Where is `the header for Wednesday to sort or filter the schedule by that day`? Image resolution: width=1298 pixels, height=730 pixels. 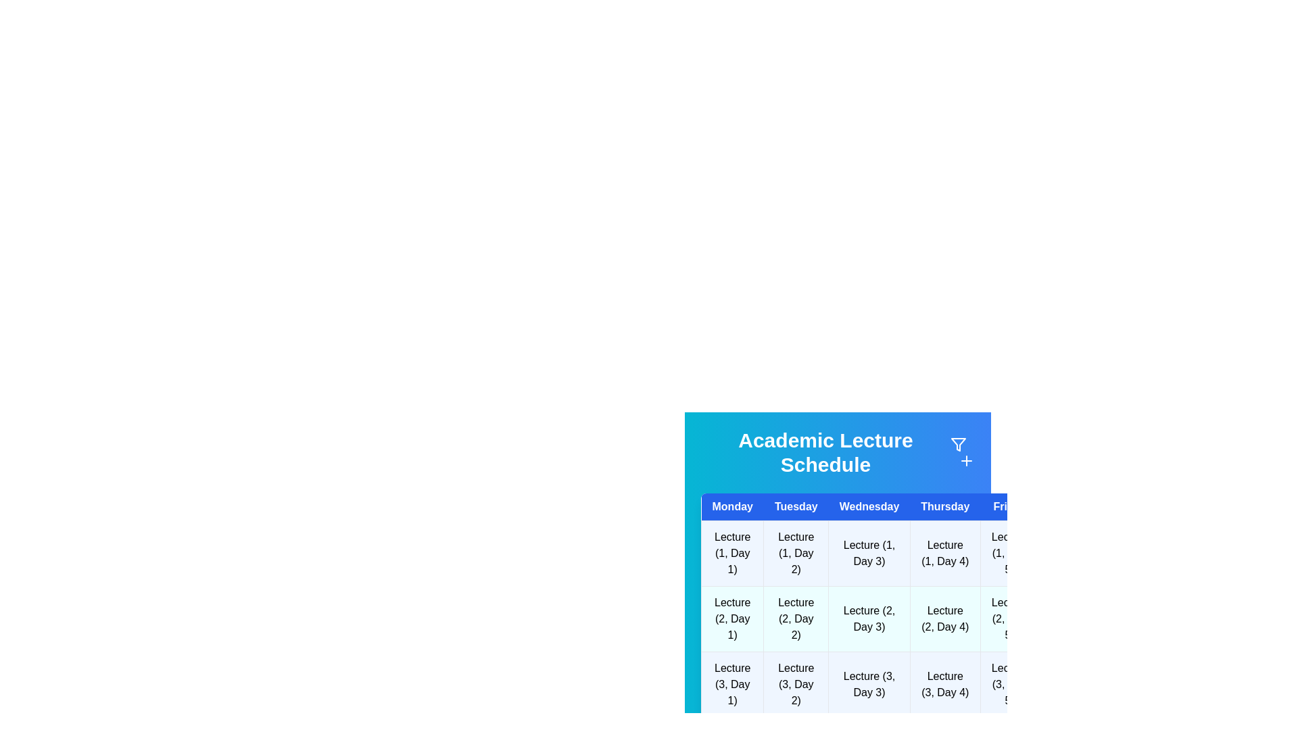
the header for Wednesday to sort or filter the schedule by that day is located at coordinates (869, 507).